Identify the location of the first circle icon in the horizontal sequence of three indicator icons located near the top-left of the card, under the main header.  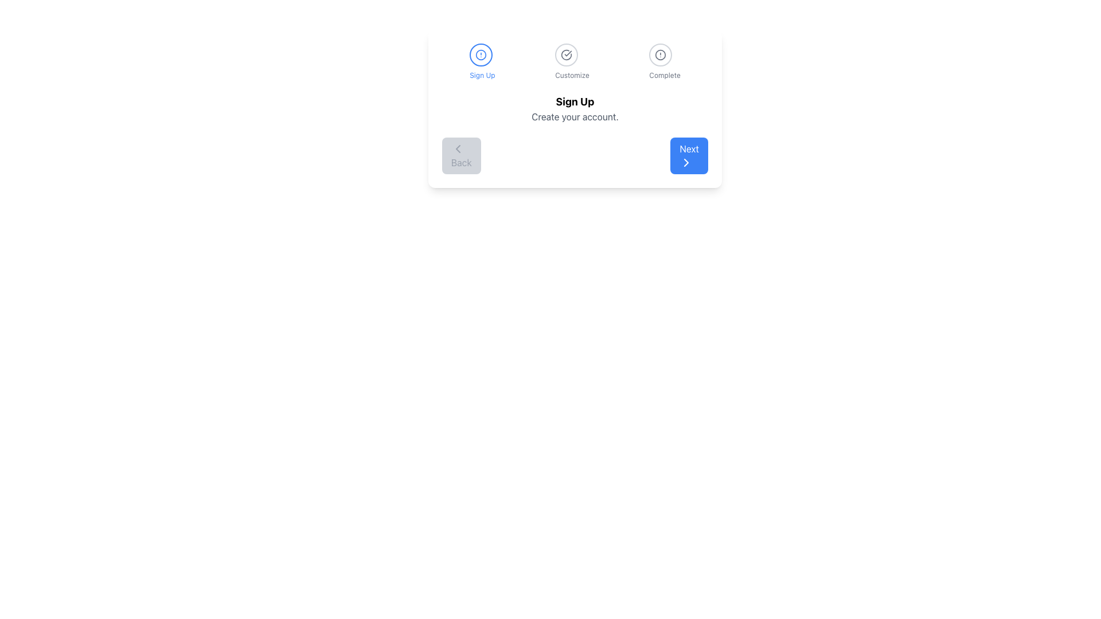
(481, 55).